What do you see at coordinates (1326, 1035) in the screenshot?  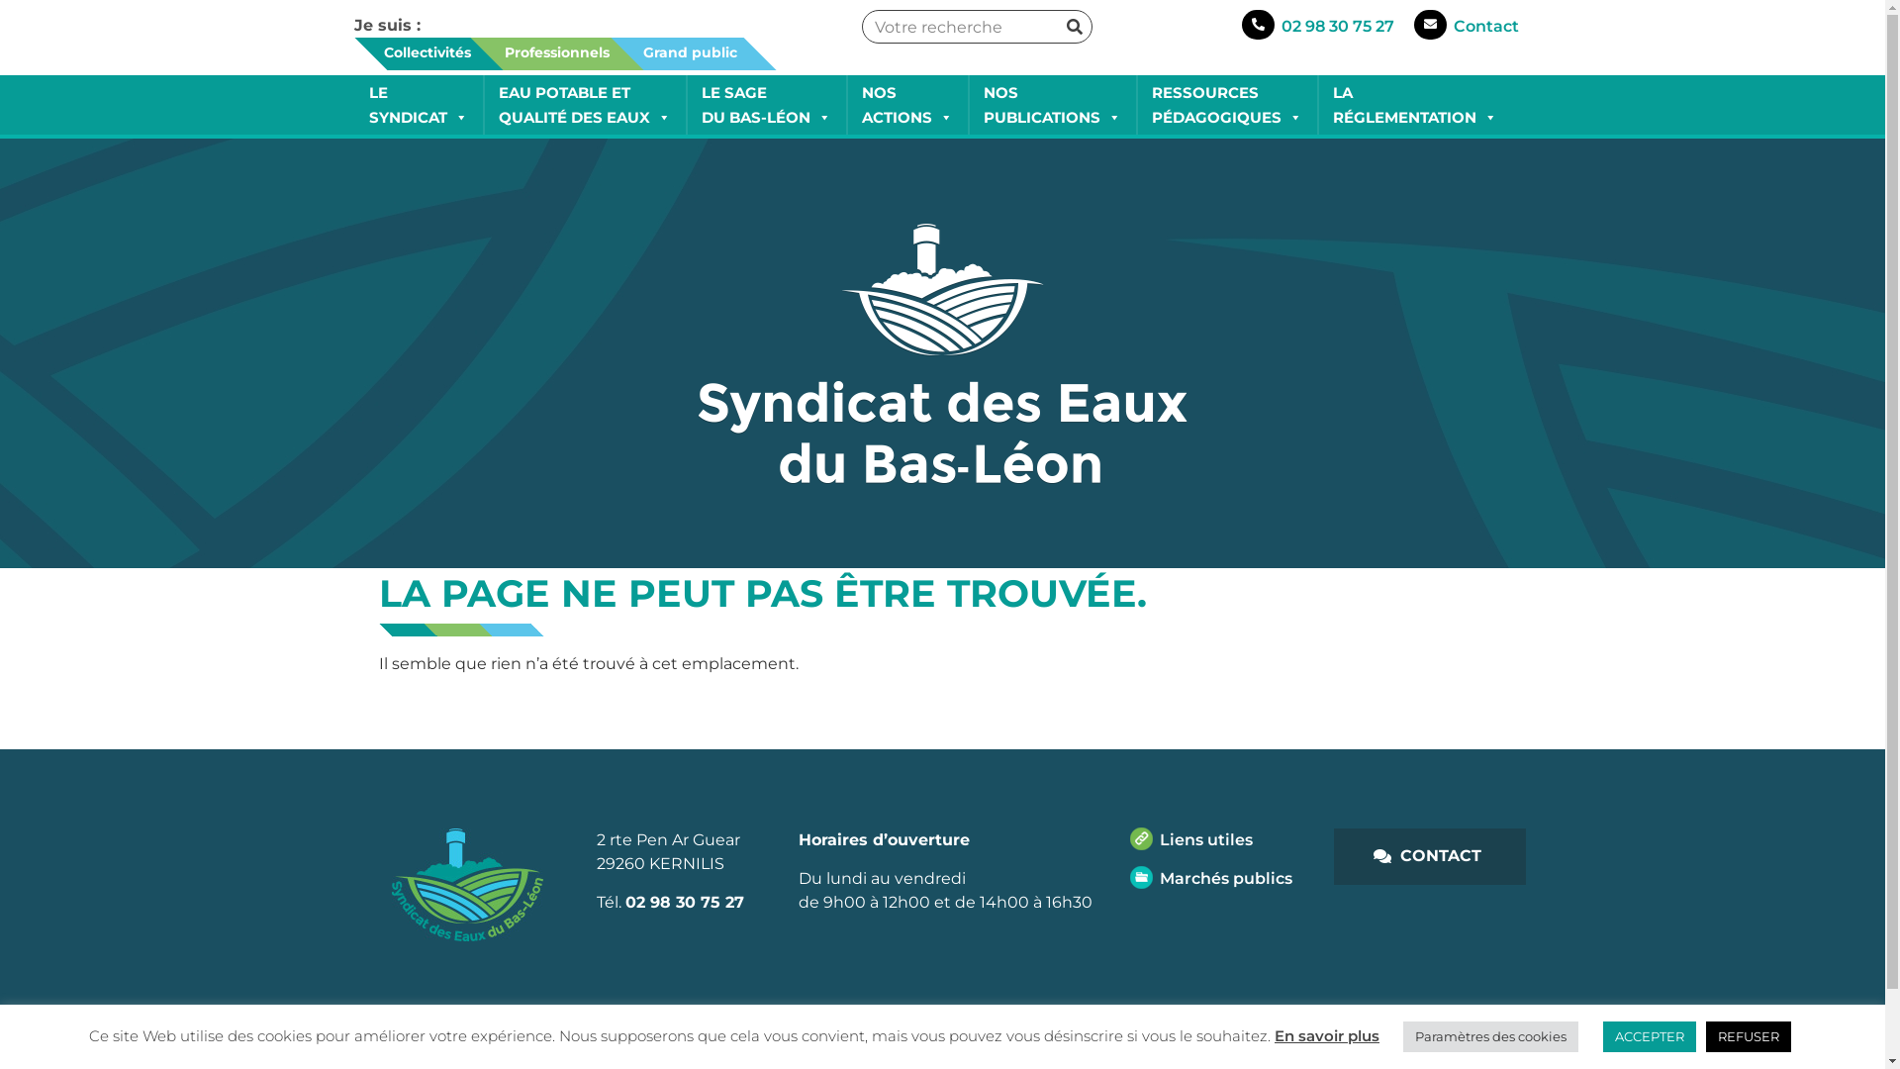 I see `'En savoir plus'` at bounding box center [1326, 1035].